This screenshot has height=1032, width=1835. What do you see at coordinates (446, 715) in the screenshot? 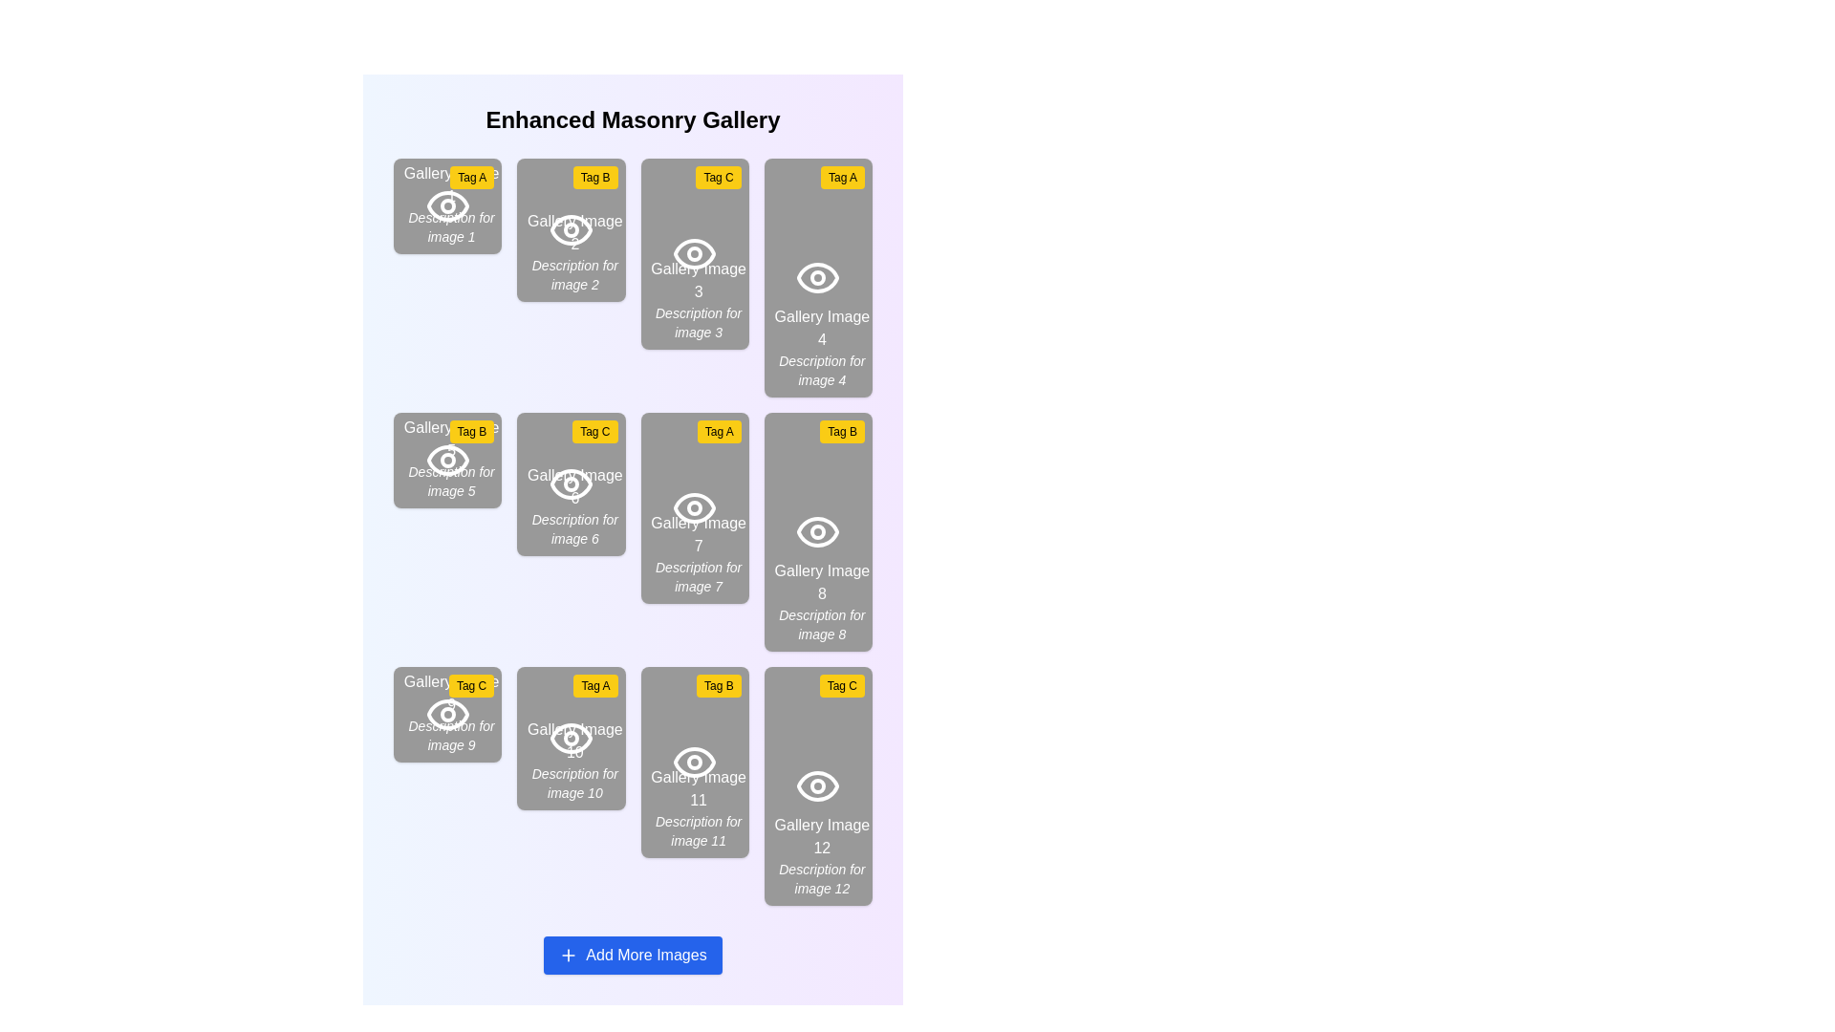
I see `the gray eye-shaped icon with a white border and black circle, located in the last row of the gallery layout under 'Gallery Image 9'` at bounding box center [446, 715].